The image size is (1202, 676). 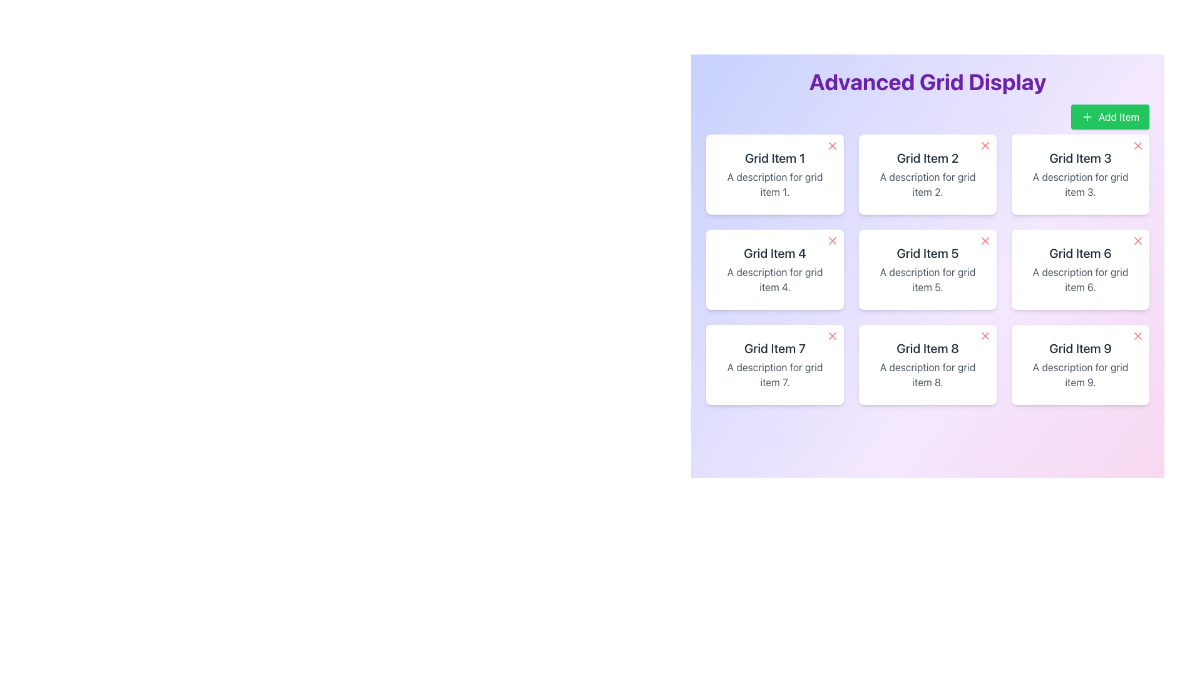 I want to click on the Text label that provides descriptive information about 'Grid Item 5', located centrally below its title, so click(x=928, y=279).